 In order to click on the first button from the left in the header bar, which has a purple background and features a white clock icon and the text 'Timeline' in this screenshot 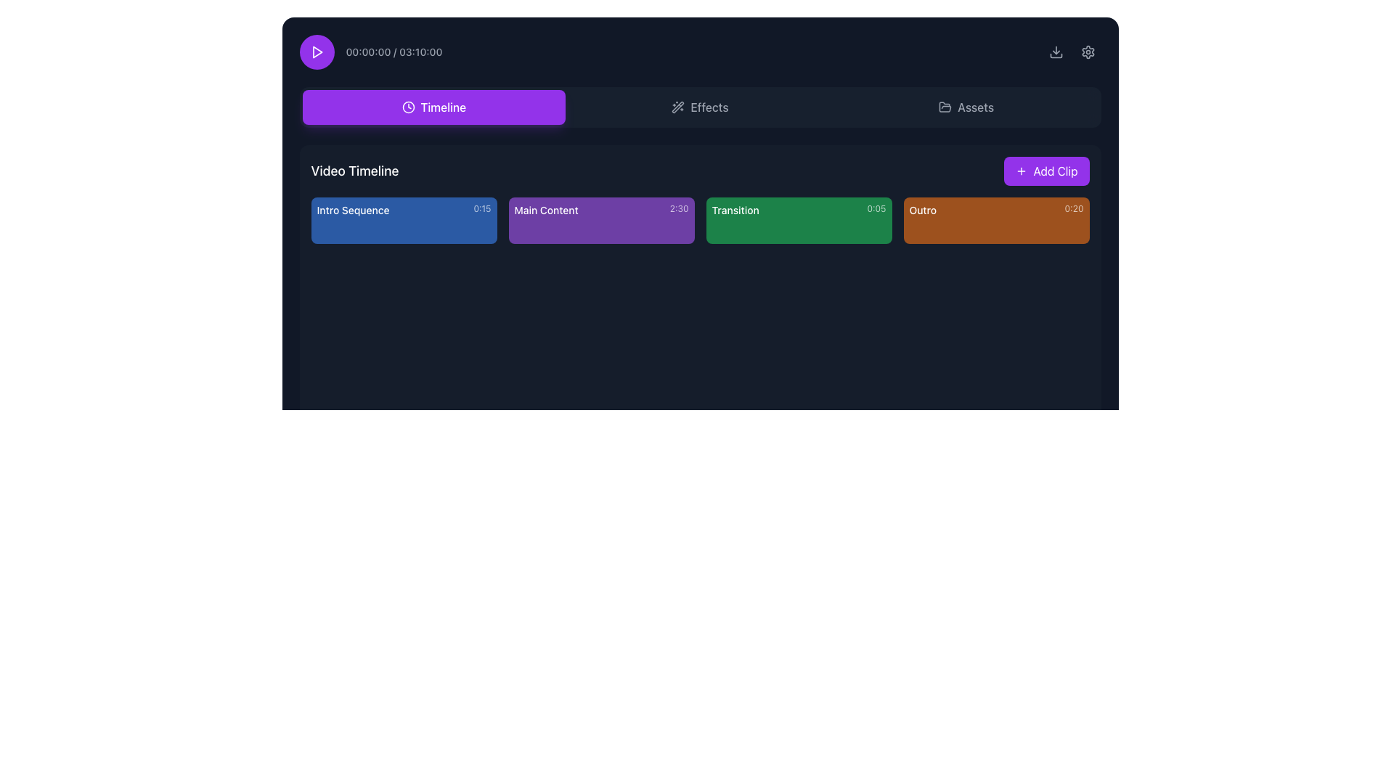, I will do `click(433, 106)`.